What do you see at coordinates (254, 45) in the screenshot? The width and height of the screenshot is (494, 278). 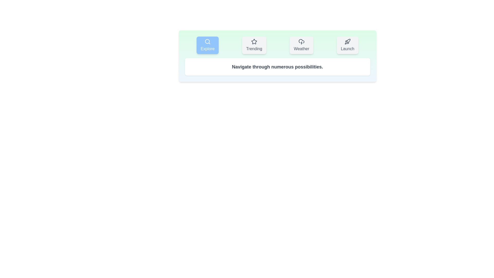 I see `the Trending tab to view its content` at bounding box center [254, 45].